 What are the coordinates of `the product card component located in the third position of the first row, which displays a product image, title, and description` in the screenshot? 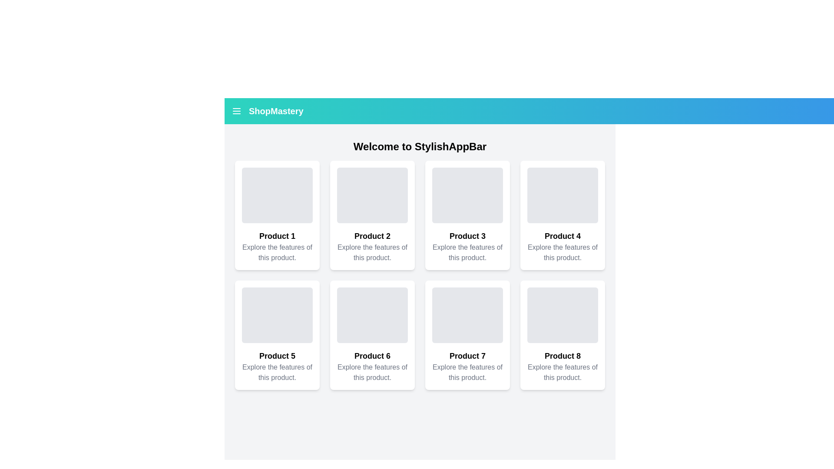 It's located at (467, 215).